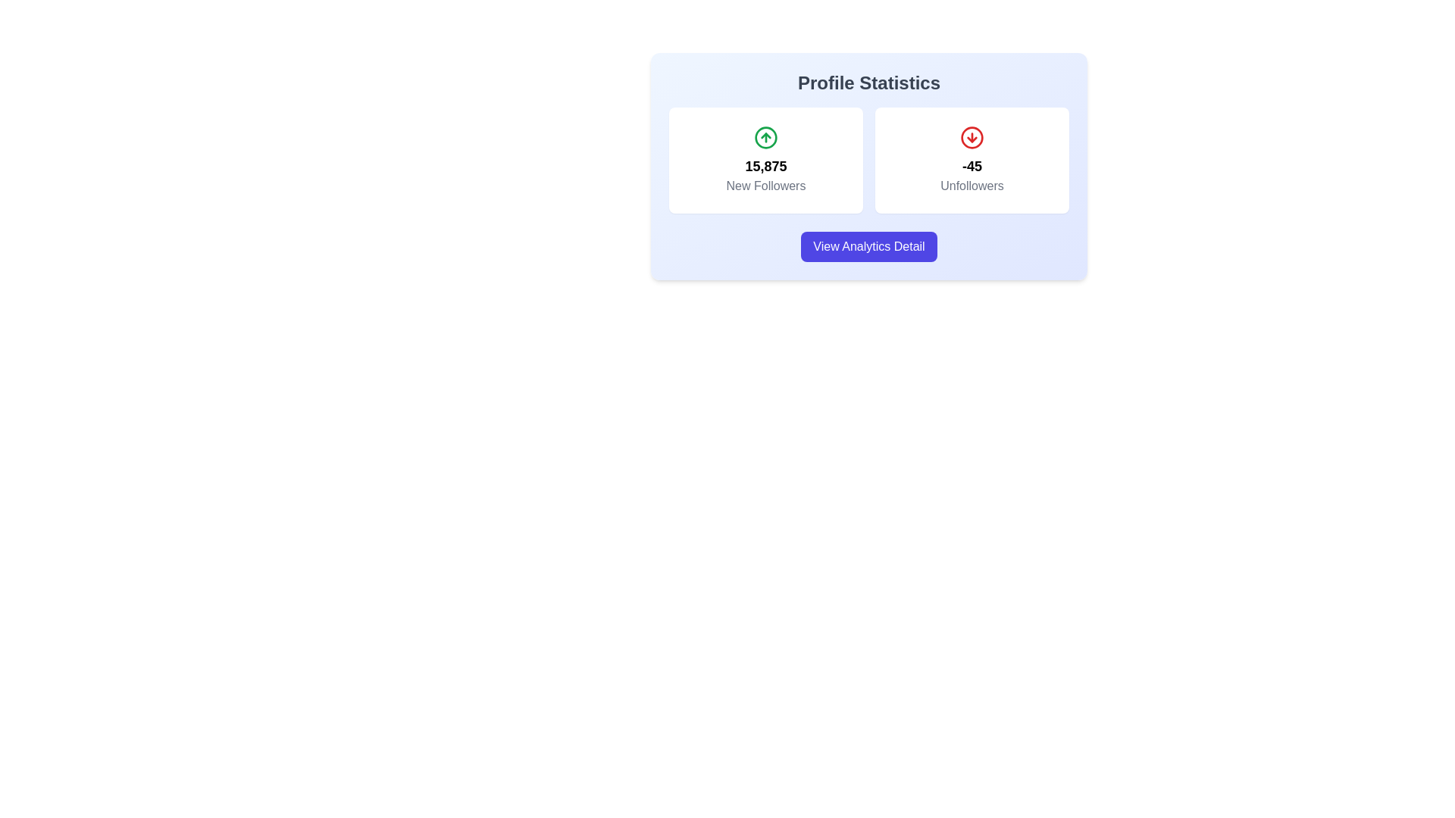 This screenshot has height=818, width=1455. I want to click on the 'Unfollowers' icon, which is a circular icon with a downward arrow in a red boundary, located in the right column of the 'Profile Statistics' section, so click(972, 137).